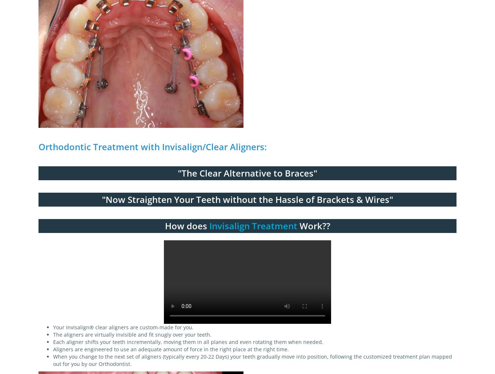 The width and height of the screenshot is (495, 374). Describe the element at coordinates (209, 225) in the screenshot. I see `'Invisalign Treatment'` at that location.